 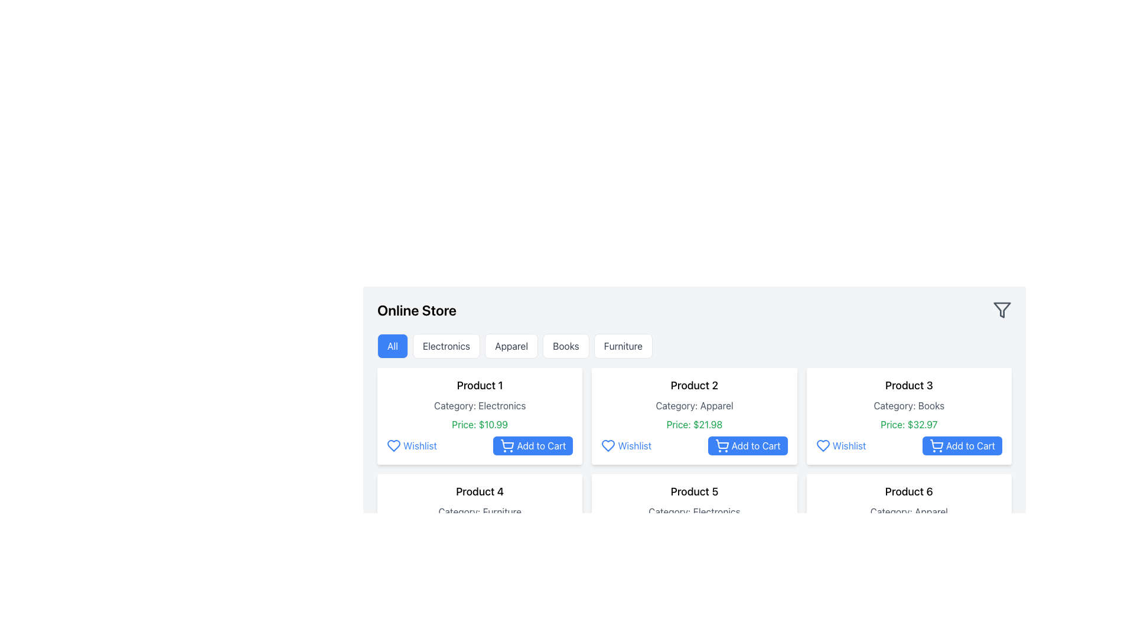 What do you see at coordinates (822, 446) in the screenshot?
I see `the blue heart outline icon associated with the 'Wishlist' link under 'Product 3'` at bounding box center [822, 446].